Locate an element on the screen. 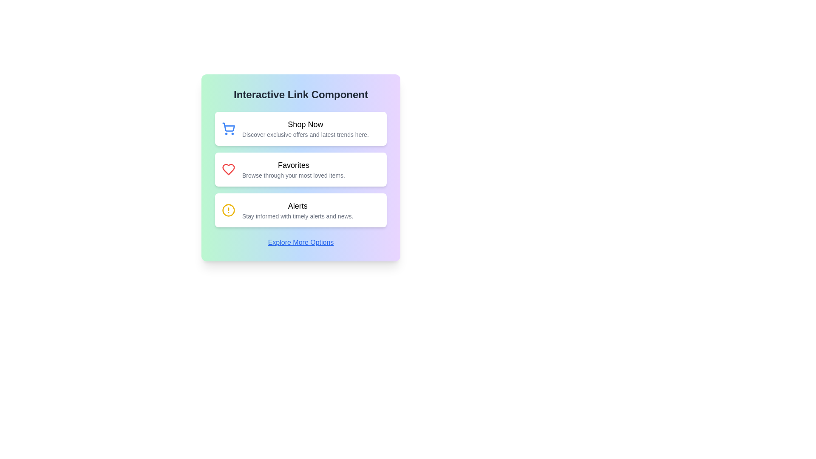  text displayed in the light-gray Text Label that says 'Discover exclusive offers and latest trends here.', located beneath the bold 'Shop Now' text is located at coordinates (305, 134).